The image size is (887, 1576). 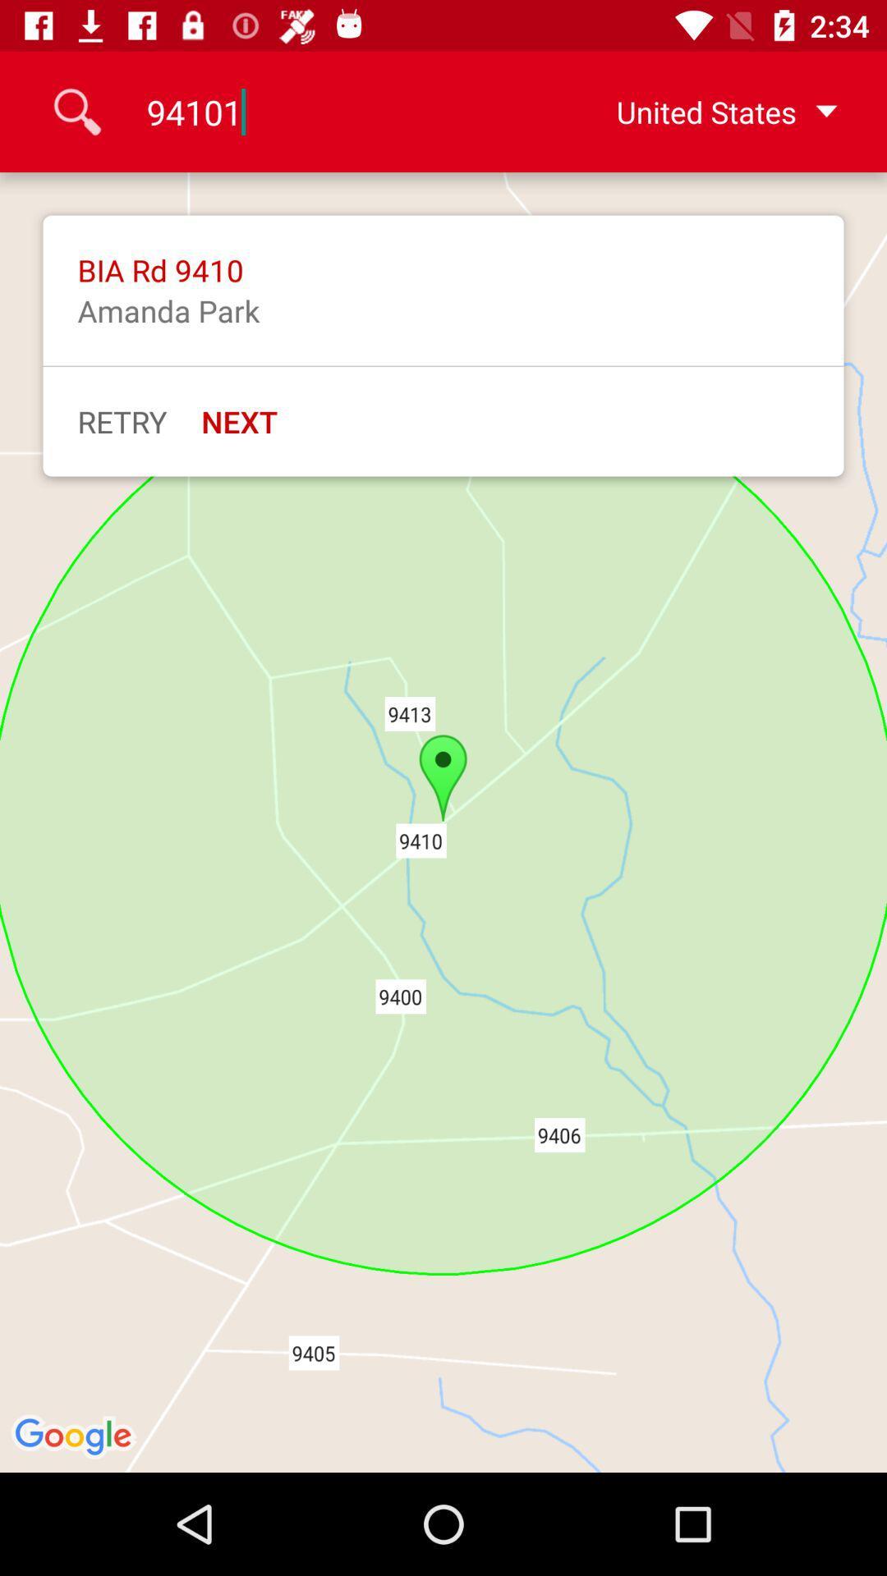 I want to click on the 94101, so click(x=334, y=111).